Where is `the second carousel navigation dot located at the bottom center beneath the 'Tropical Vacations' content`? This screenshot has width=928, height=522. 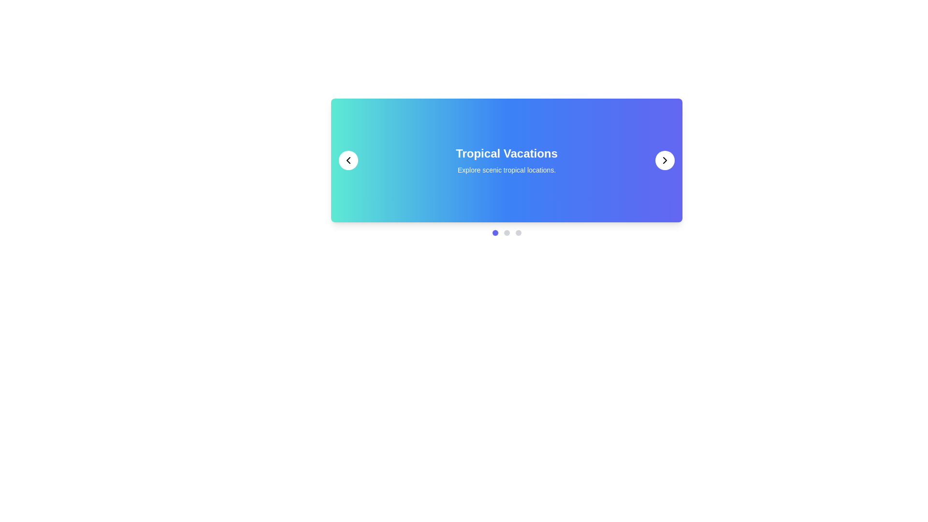 the second carousel navigation dot located at the bottom center beneath the 'Tropical Vacations' content is located at coordinates (506, 233).